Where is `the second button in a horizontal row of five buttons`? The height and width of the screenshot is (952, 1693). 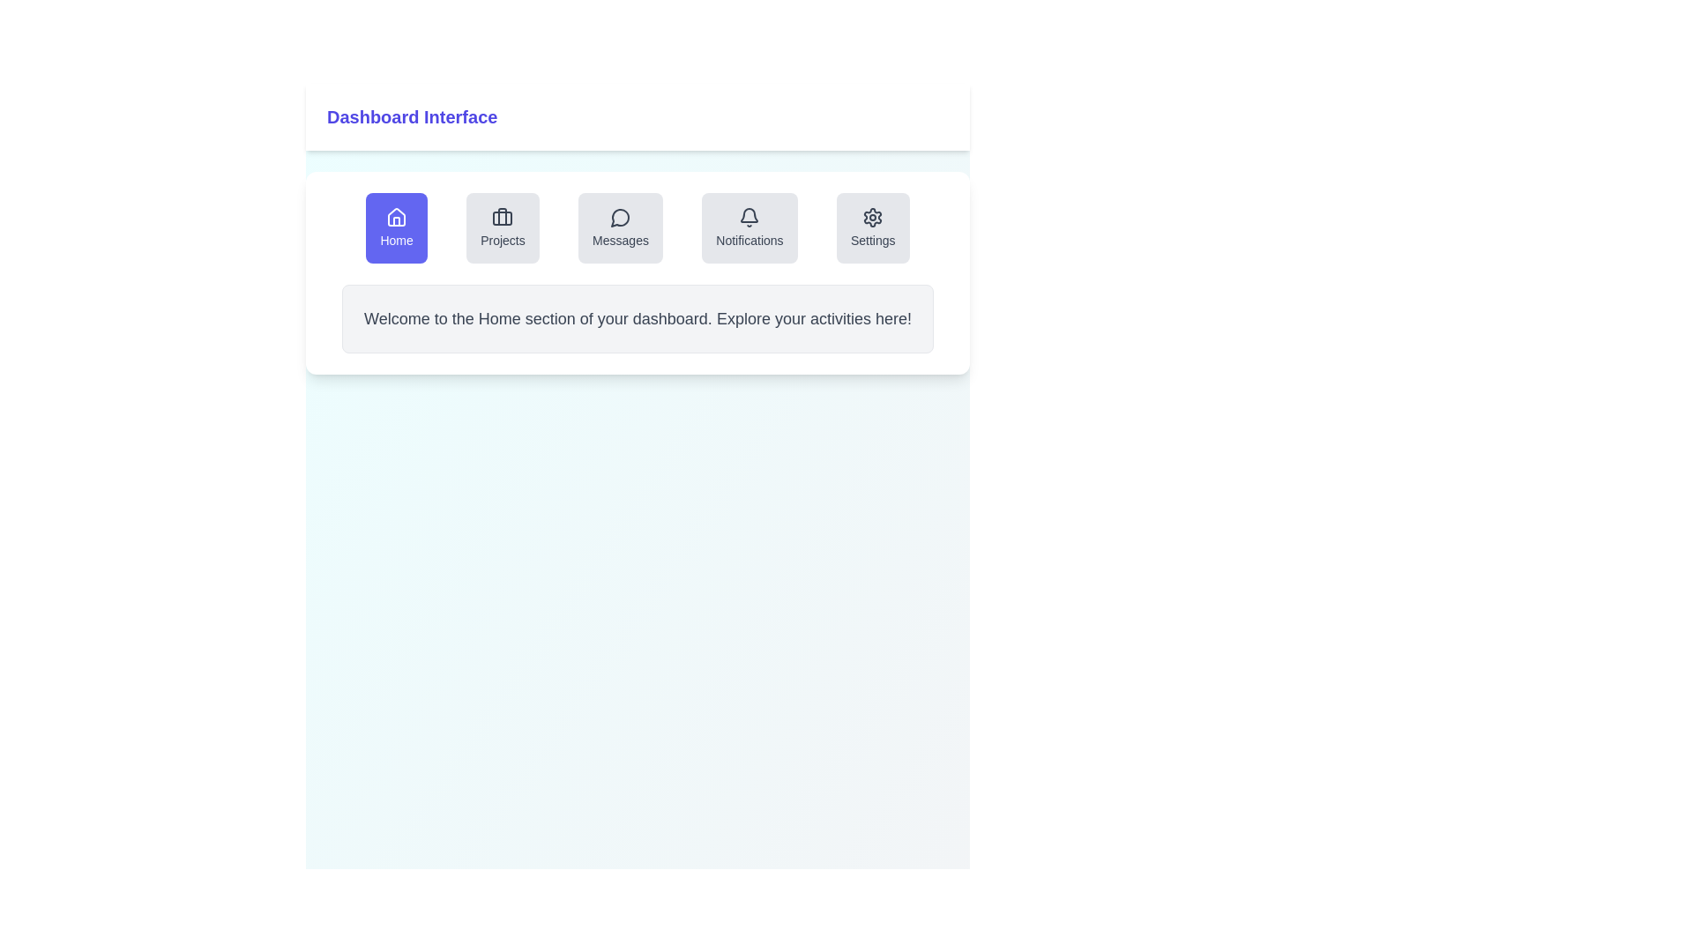 the second button in a horizontal row of five buttons is located at coordinates (502, 227).